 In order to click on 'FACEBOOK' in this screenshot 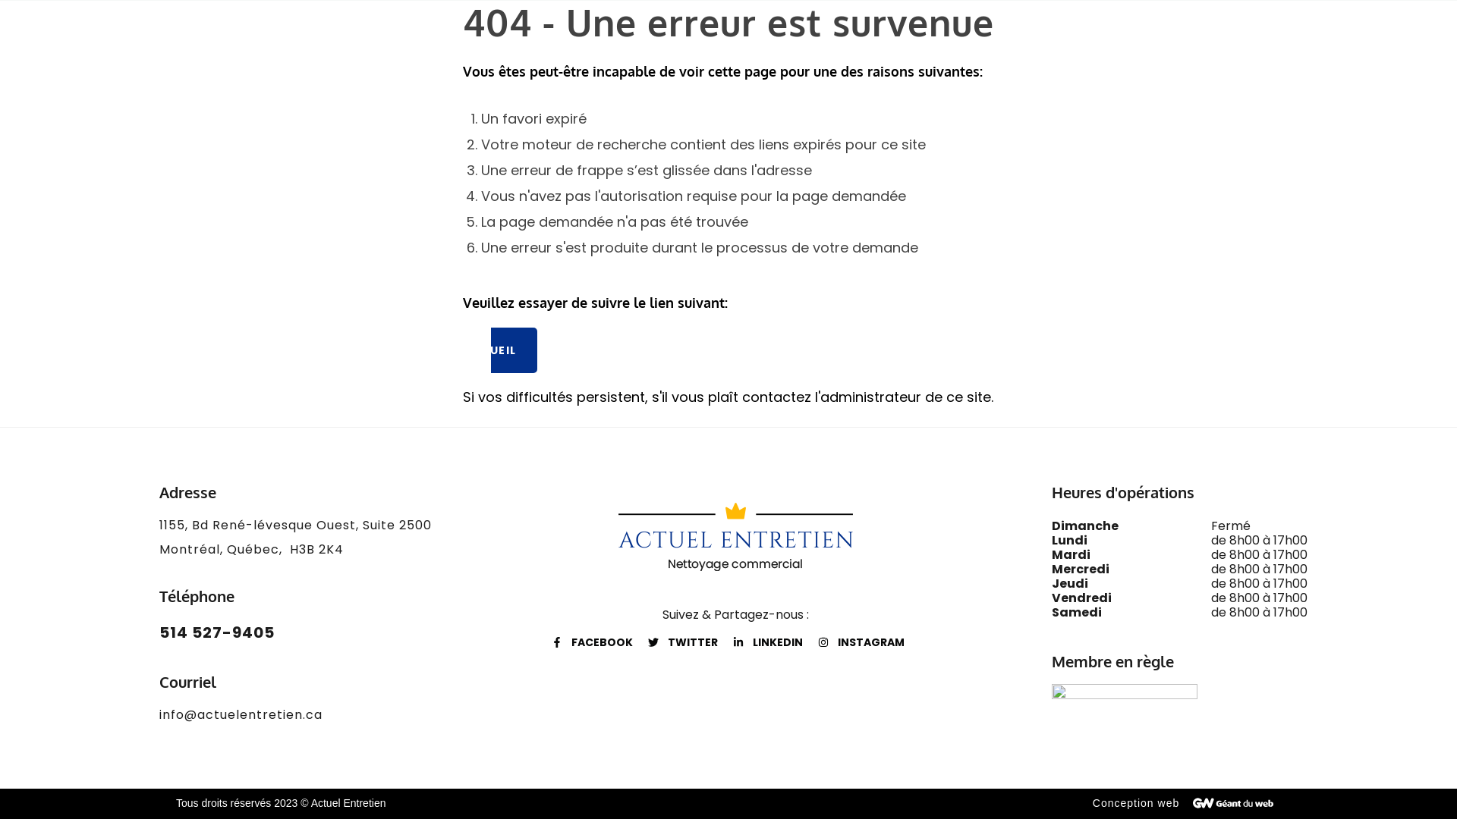, I will do `click(591, 643)`.